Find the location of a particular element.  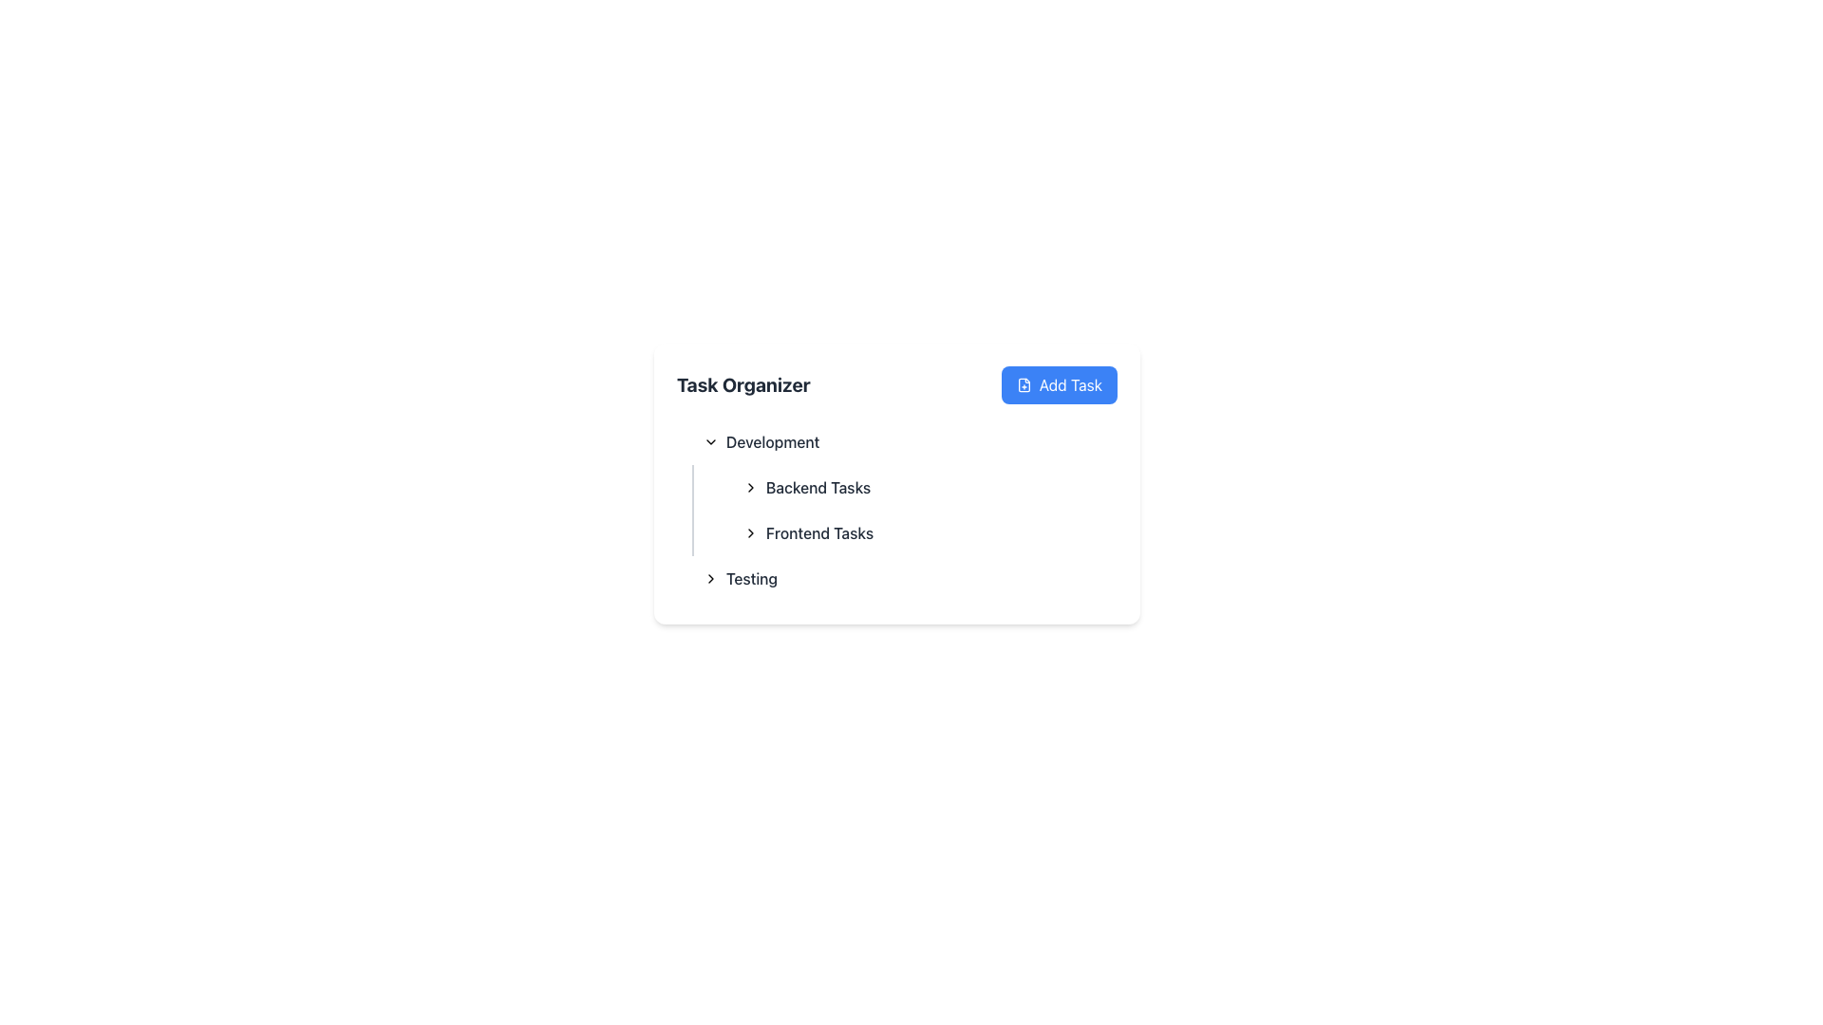

the chevron icon next to the 'Development' label is located at coordinates (709, 442).